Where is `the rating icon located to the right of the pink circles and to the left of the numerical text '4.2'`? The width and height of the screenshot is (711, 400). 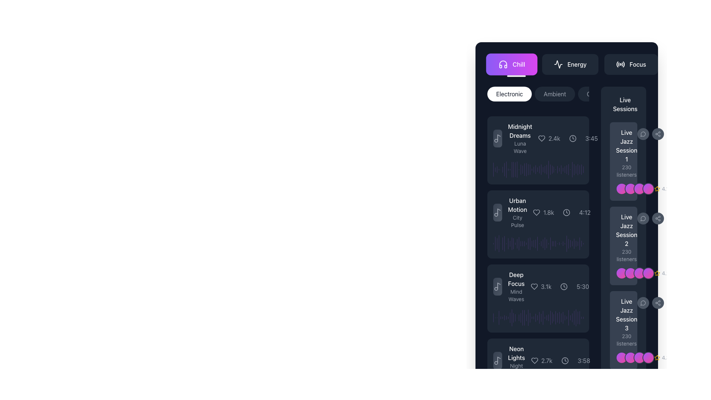 the rating icon located to the right of the pink circles and to the left of the numerical text '4.2' is located at coordinates (657, 273).